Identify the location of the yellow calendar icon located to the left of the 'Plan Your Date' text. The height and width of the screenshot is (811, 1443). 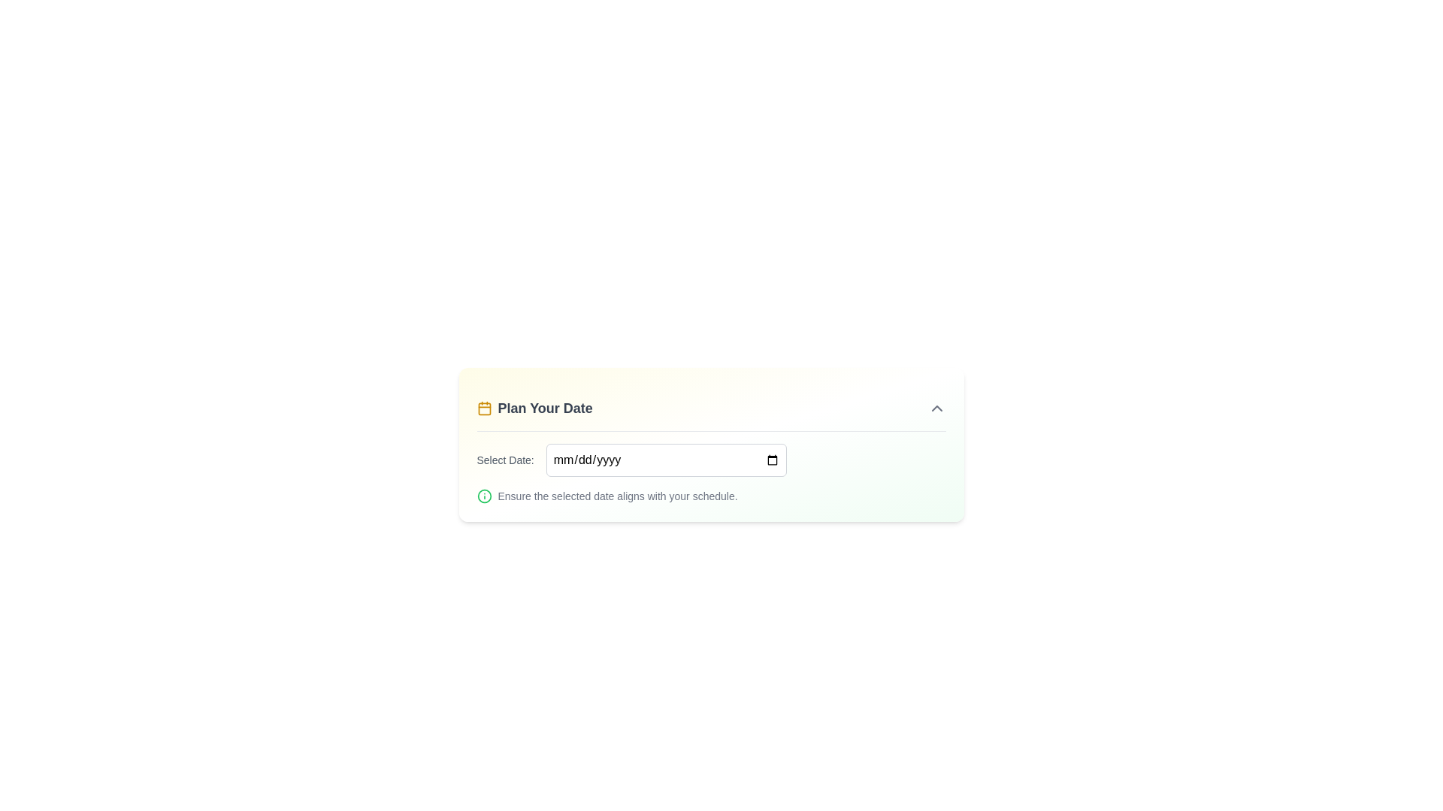
(484, 408).